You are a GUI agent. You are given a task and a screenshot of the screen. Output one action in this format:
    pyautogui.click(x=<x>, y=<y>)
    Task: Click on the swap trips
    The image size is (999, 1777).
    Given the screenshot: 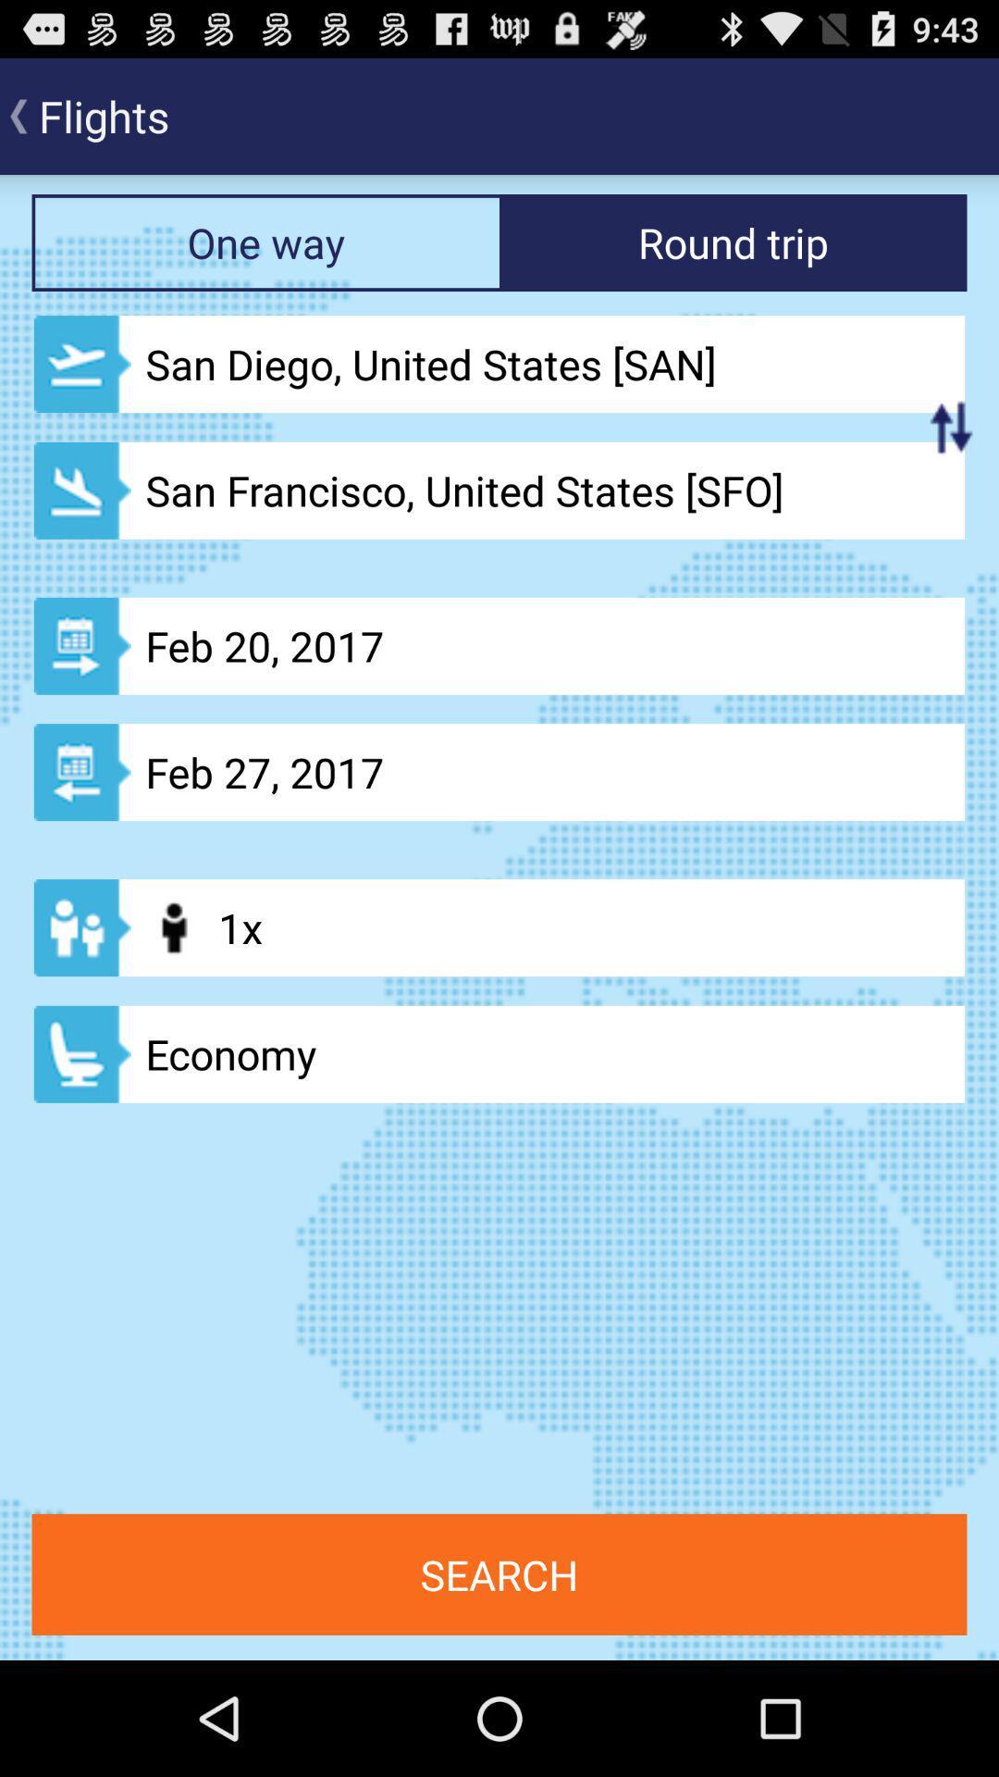 What is the action you would take?
    pyautogui.click(x=951, y=426)
    